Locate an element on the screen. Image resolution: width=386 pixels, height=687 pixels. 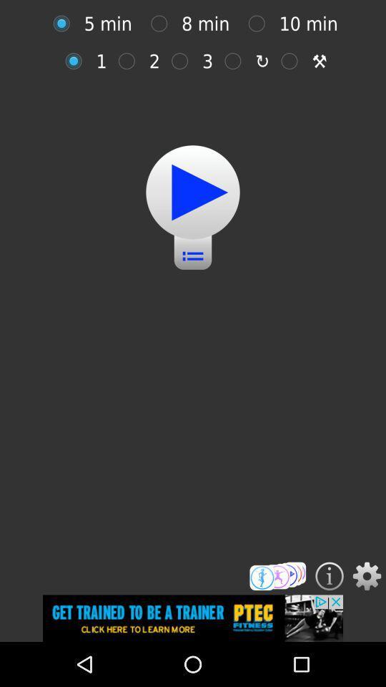
tools is located at coordinates (292, 61).